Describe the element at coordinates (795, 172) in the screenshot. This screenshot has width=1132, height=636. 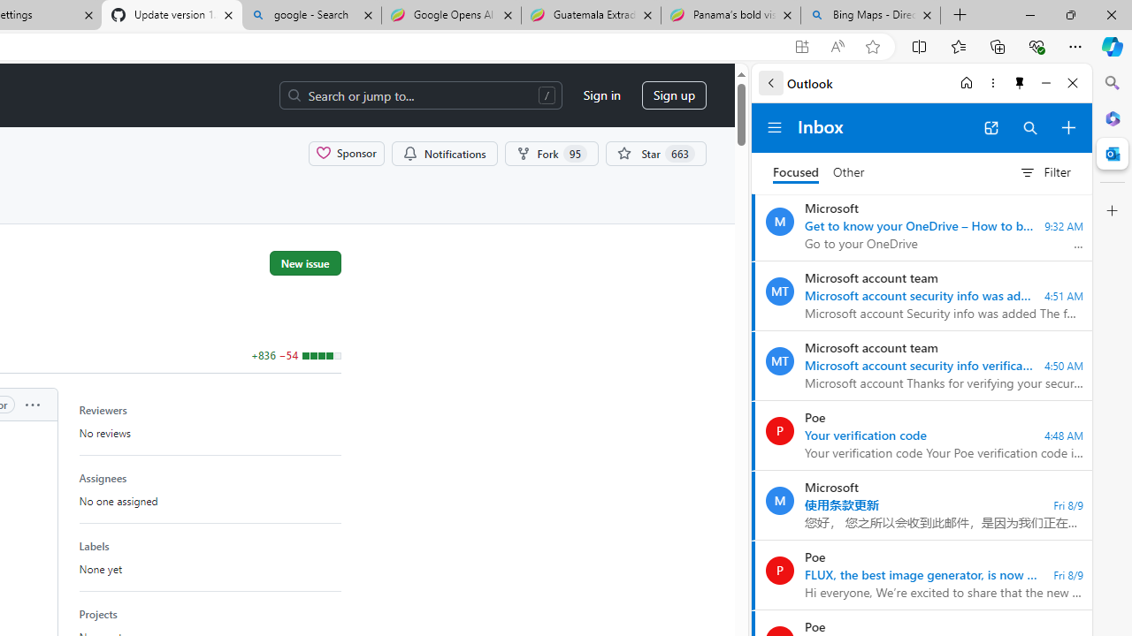
I see `'Focused'` at that location.